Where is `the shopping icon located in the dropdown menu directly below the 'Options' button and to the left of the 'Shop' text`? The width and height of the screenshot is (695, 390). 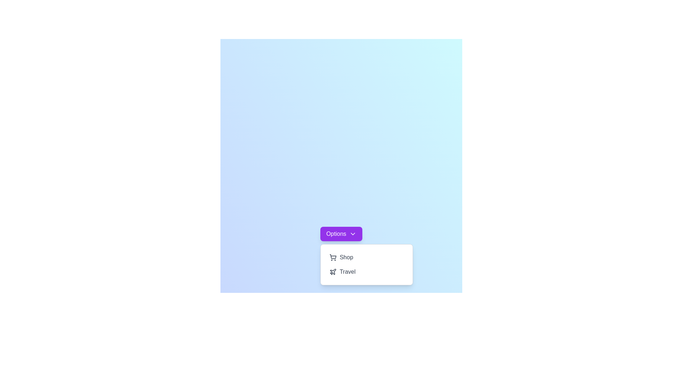
the shopping icon located in the dropdown menu directly below the 'Options' button and to the left of the 'Shop' text is located at coordinates (333, 256).